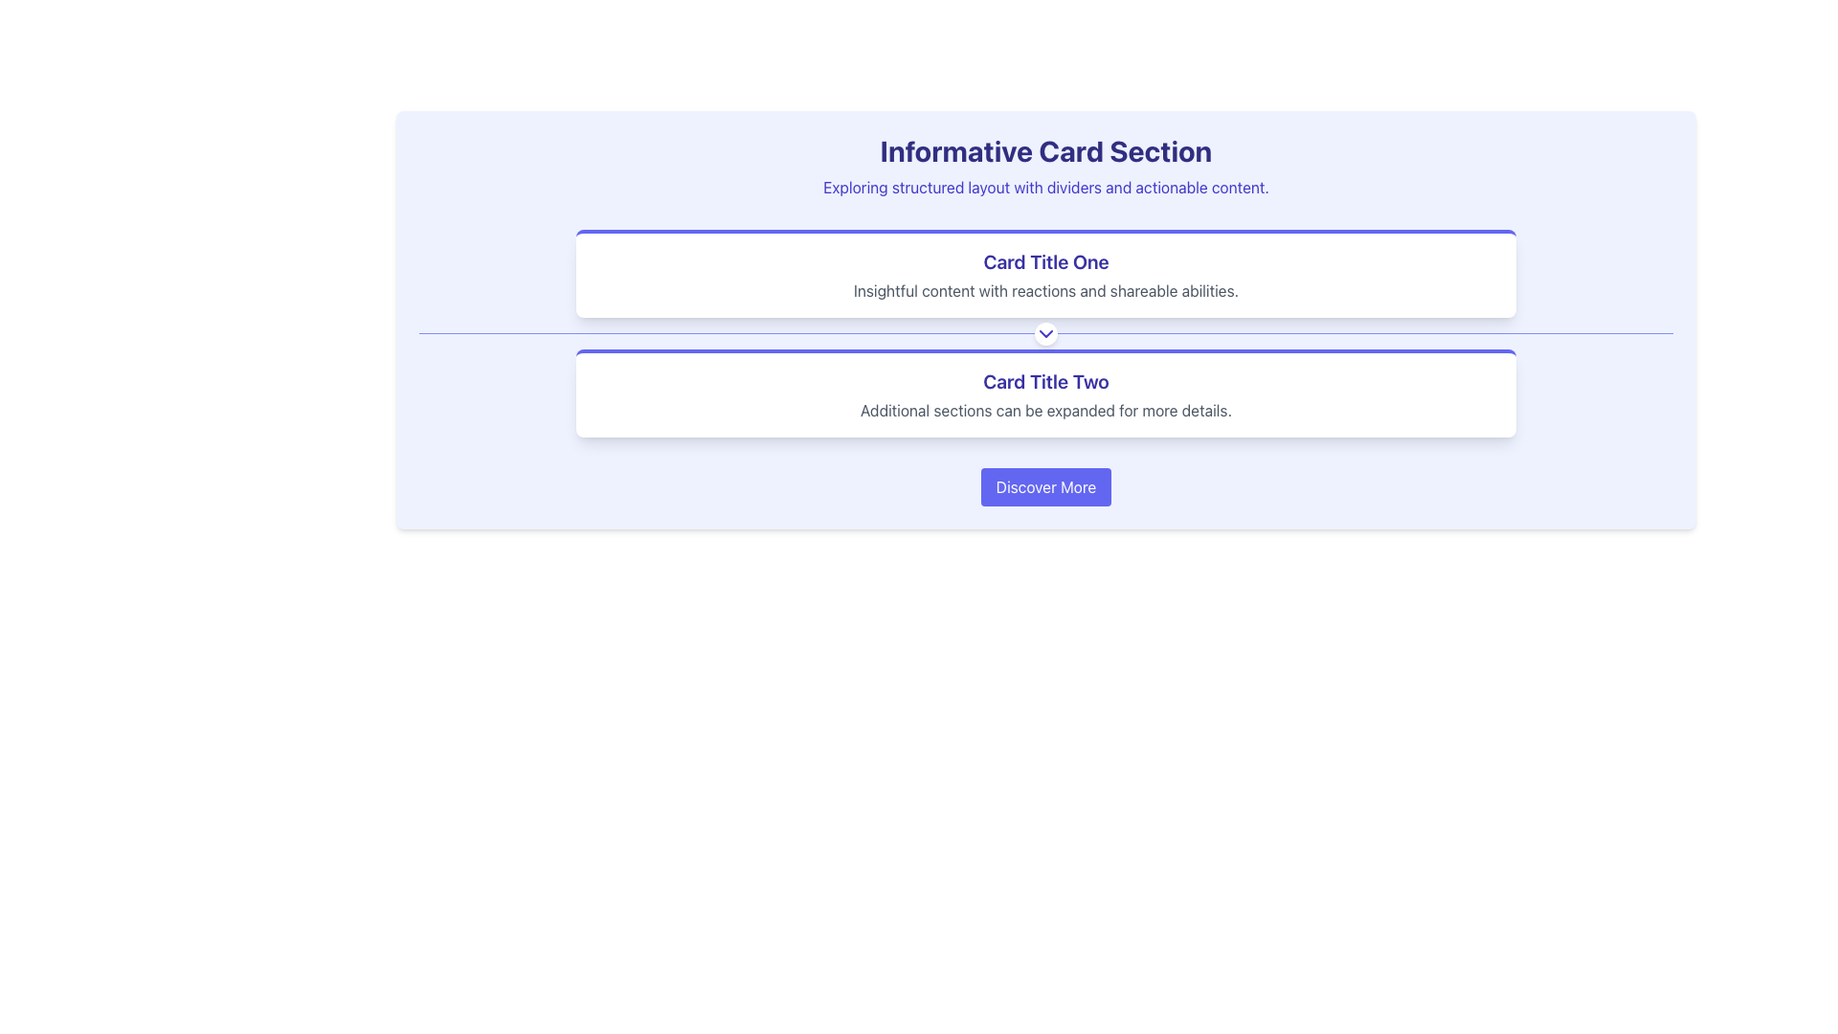  Describe the element at coordinates (1045, 150) in the screenshot. I see `the header text element styled in bold typography that reads 'Informative Card Section', which is prominently displayed in indigo color at the top-center of the interface` at that location.